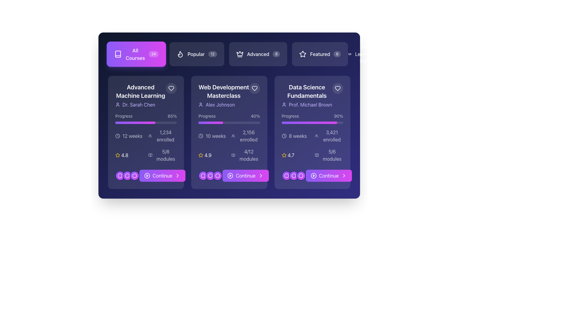 Image resolution: width=578 pixels, height=325 pixels. Describe the element at coordinates (223, 91) in the screenshot. I see `the text element styled with extra large, bold, white font that reads 'Web Development Masterclass', located at the top-left of its dark background card, which is the second card from the left` at that location.